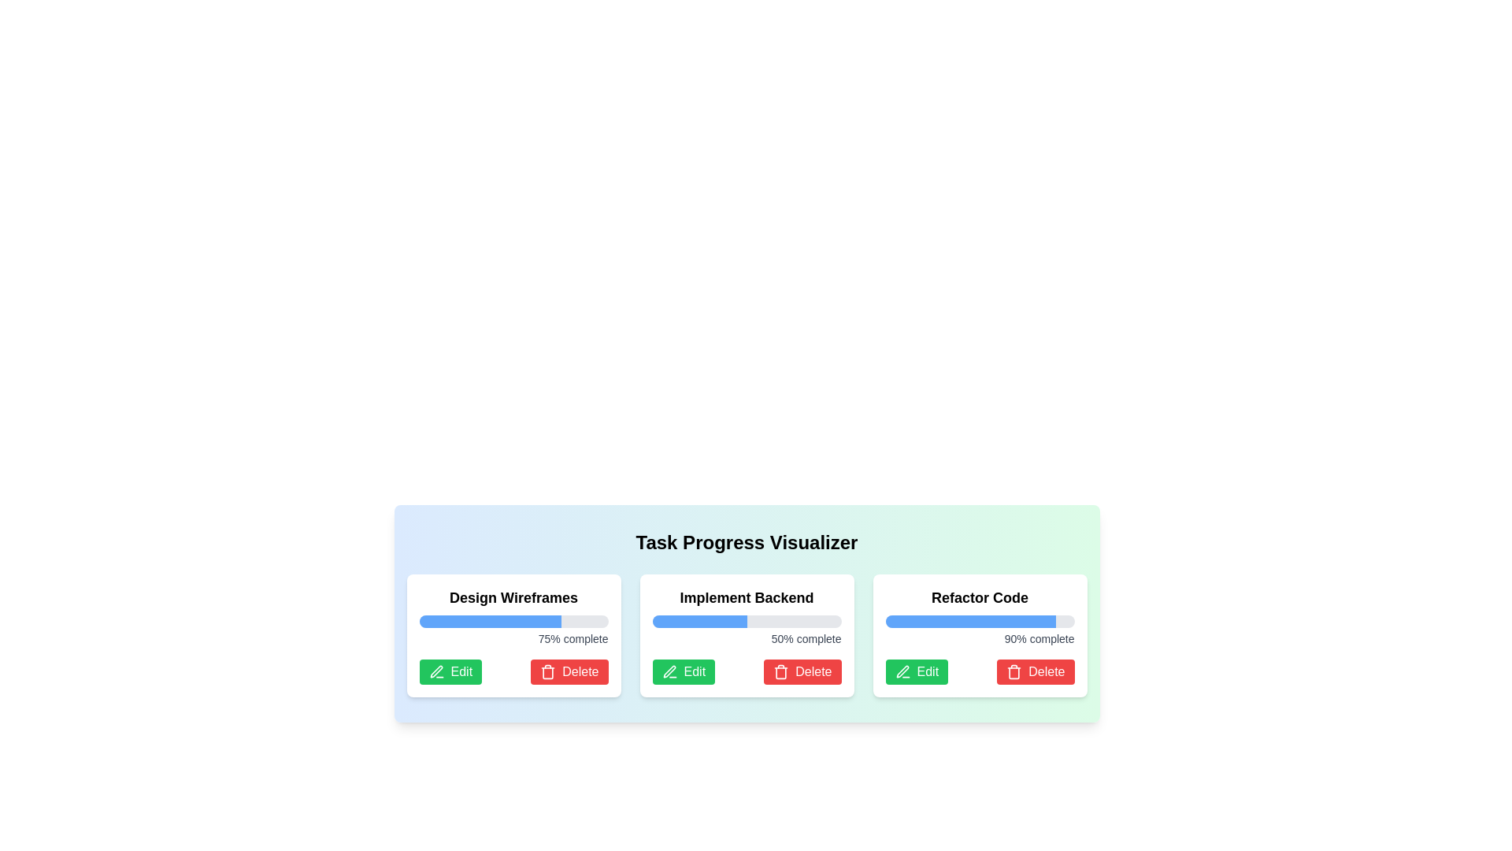 Image resolution: width=1512 pixels, height=851 pixels. Describe the element at coordinates (979, 598) in the screenshot. I see `text content of the descriptive heading label located at the top central area of the rightmost task card, which is above the progress bar and the 'Edit' and 'Delete' buttons` at that location.